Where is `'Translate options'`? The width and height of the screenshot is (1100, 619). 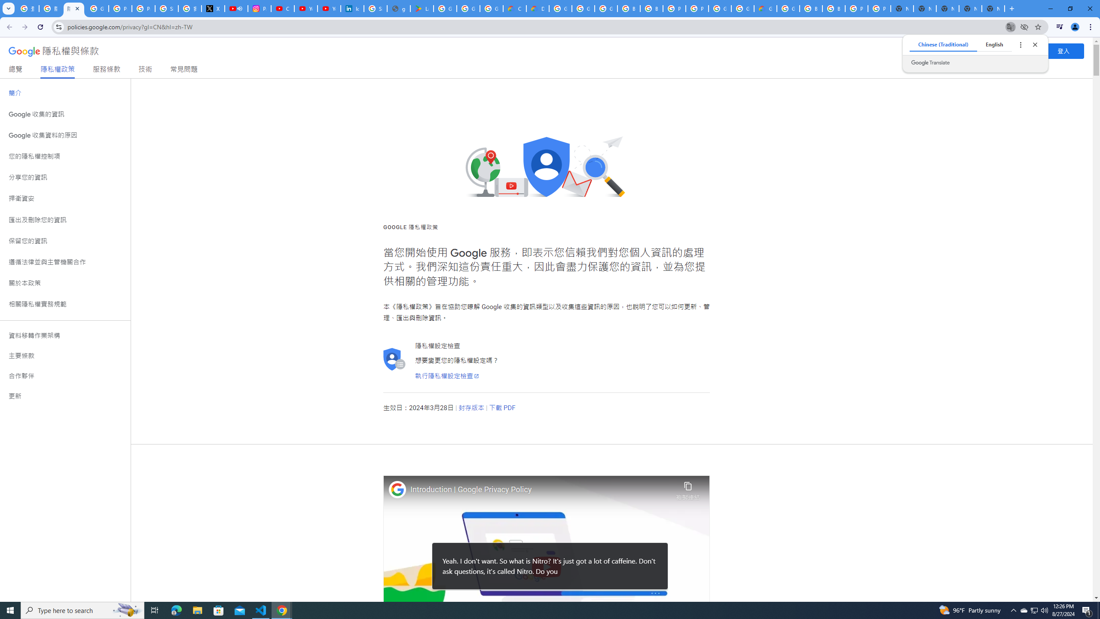
'Translate options' is located at coordinates (1020, 44).